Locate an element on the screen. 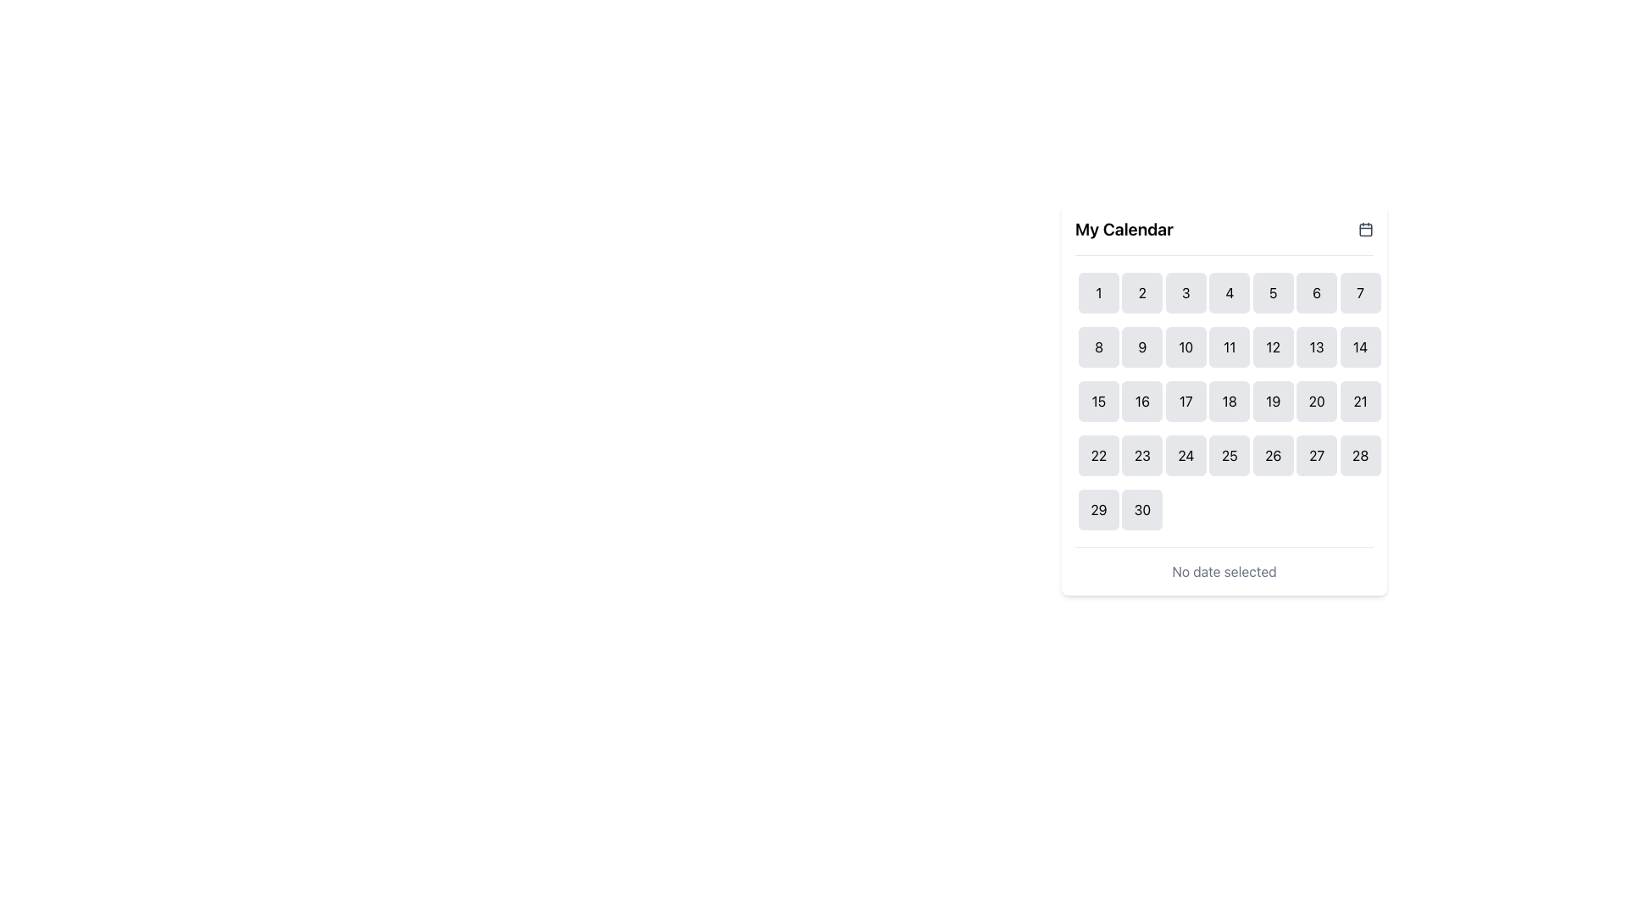 The height and width of the screenshot is (915, 1627). the button representing the 19th day in the calendar is located at coordinates (1273, 402).